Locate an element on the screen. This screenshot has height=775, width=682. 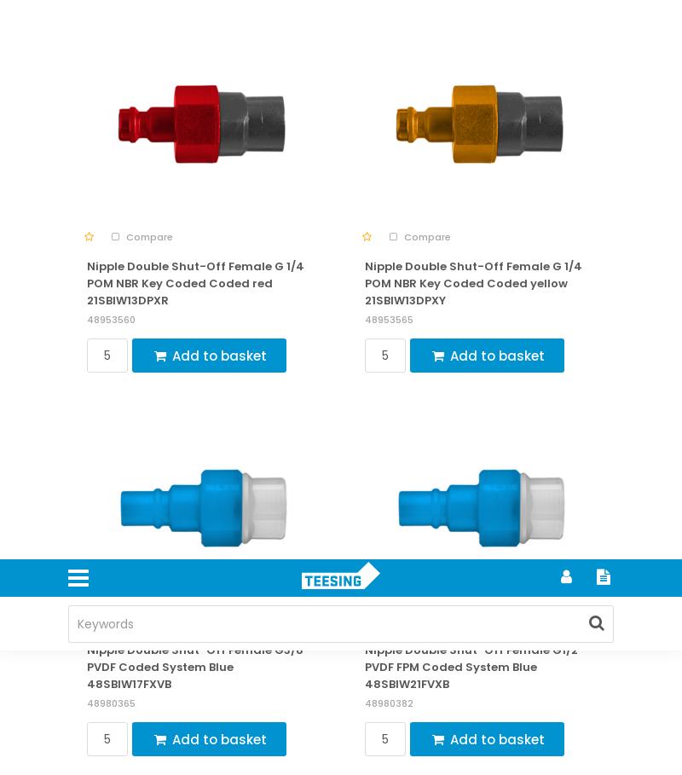
'.' is located at coordinates (357, 93).